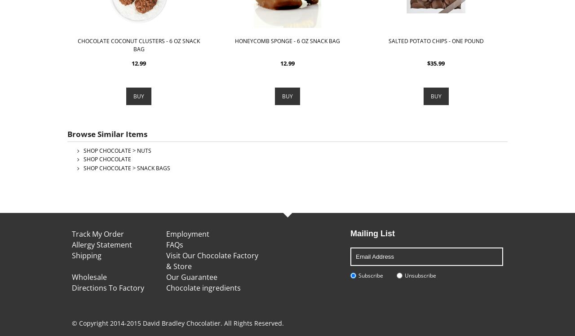 Image resolution: width=575 pixels, height=336 pixels. Describe the element at coordinates (102, 244) in the screenshot. I see `'Allergy Statement'` at that location.